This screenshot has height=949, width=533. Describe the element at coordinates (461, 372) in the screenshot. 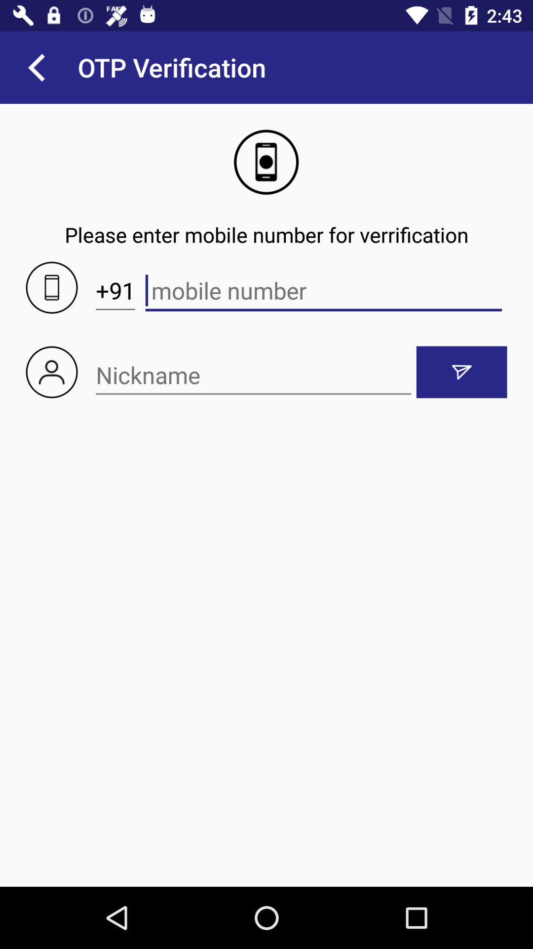

I see `the flash icon` at that location.